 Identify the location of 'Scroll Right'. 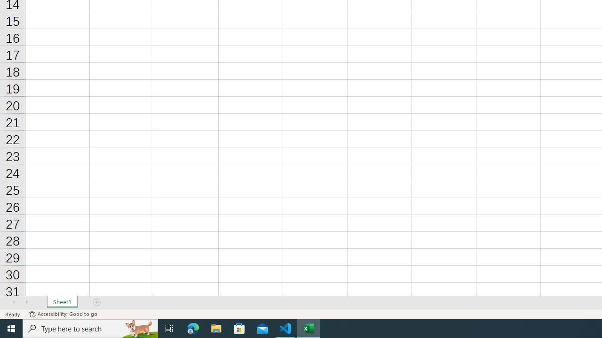
(27, 302).